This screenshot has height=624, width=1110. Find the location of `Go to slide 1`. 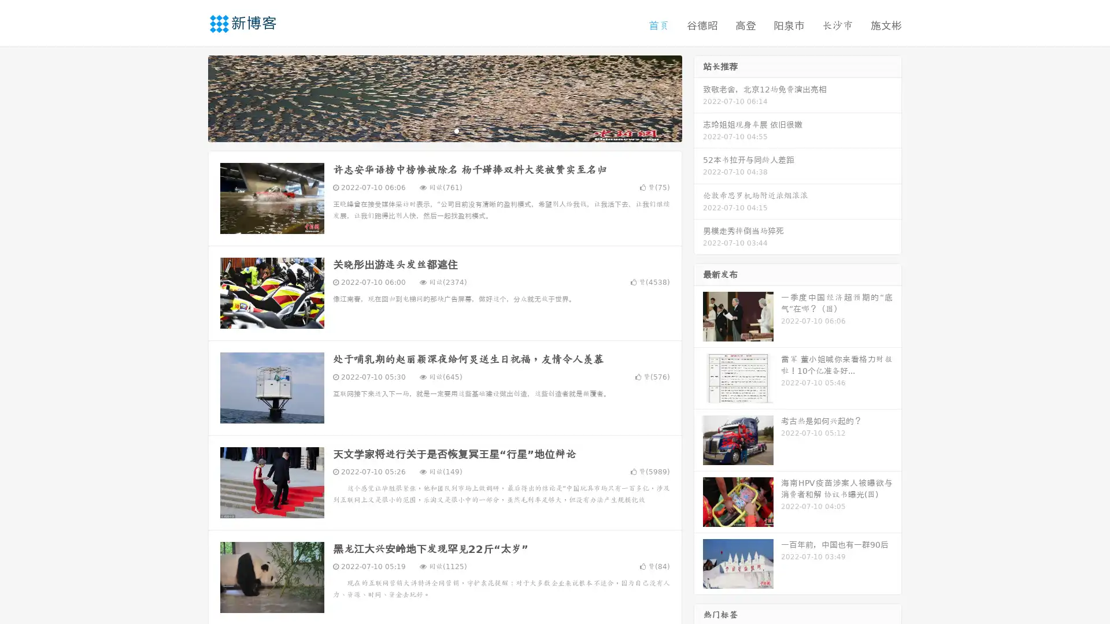

Go to slide 1 is located at coordinates (432, 130).